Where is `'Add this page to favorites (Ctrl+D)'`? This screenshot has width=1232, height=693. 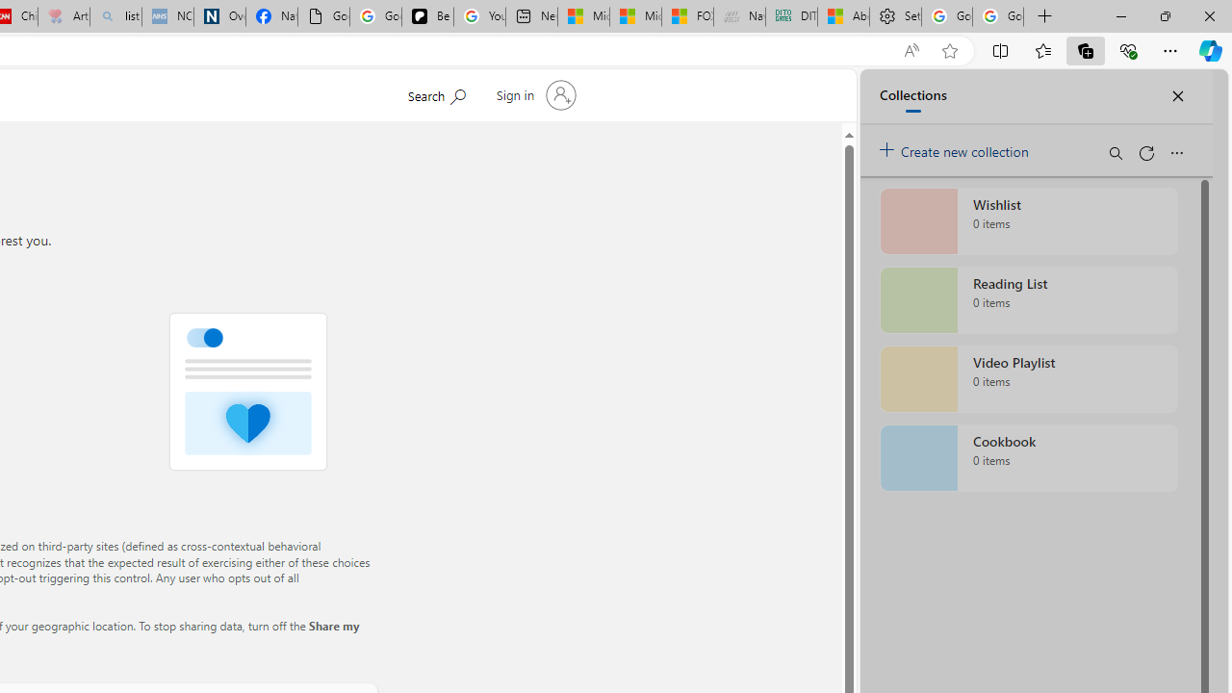 'Add this page to favorites (Ctrl+D)' is located at coordinates (949, 50).